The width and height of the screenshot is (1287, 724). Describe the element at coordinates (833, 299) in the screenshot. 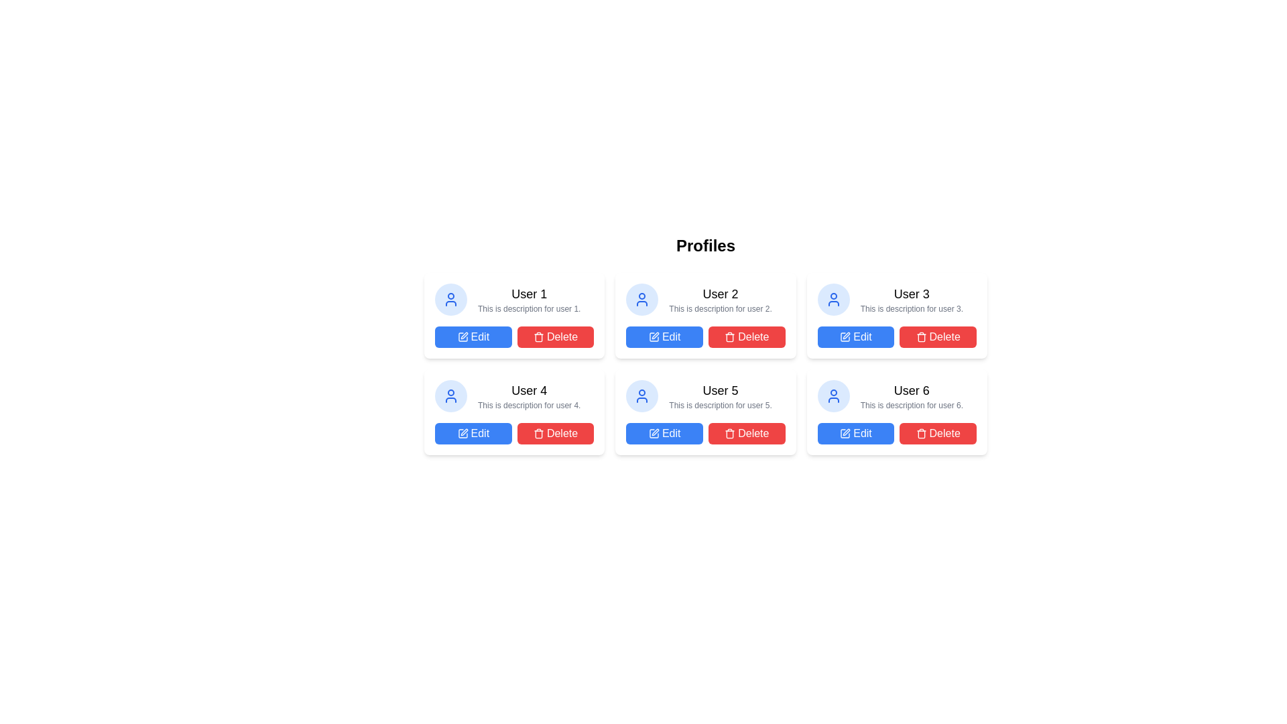

I see `the user entity icon located within a circular blue-tinted background in the user profile card, which is the second card from the left in the first row` at that location.